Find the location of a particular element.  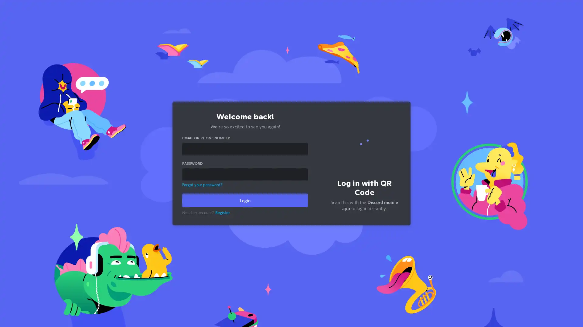

Forgot your password? is located at coordinates (202, 184).